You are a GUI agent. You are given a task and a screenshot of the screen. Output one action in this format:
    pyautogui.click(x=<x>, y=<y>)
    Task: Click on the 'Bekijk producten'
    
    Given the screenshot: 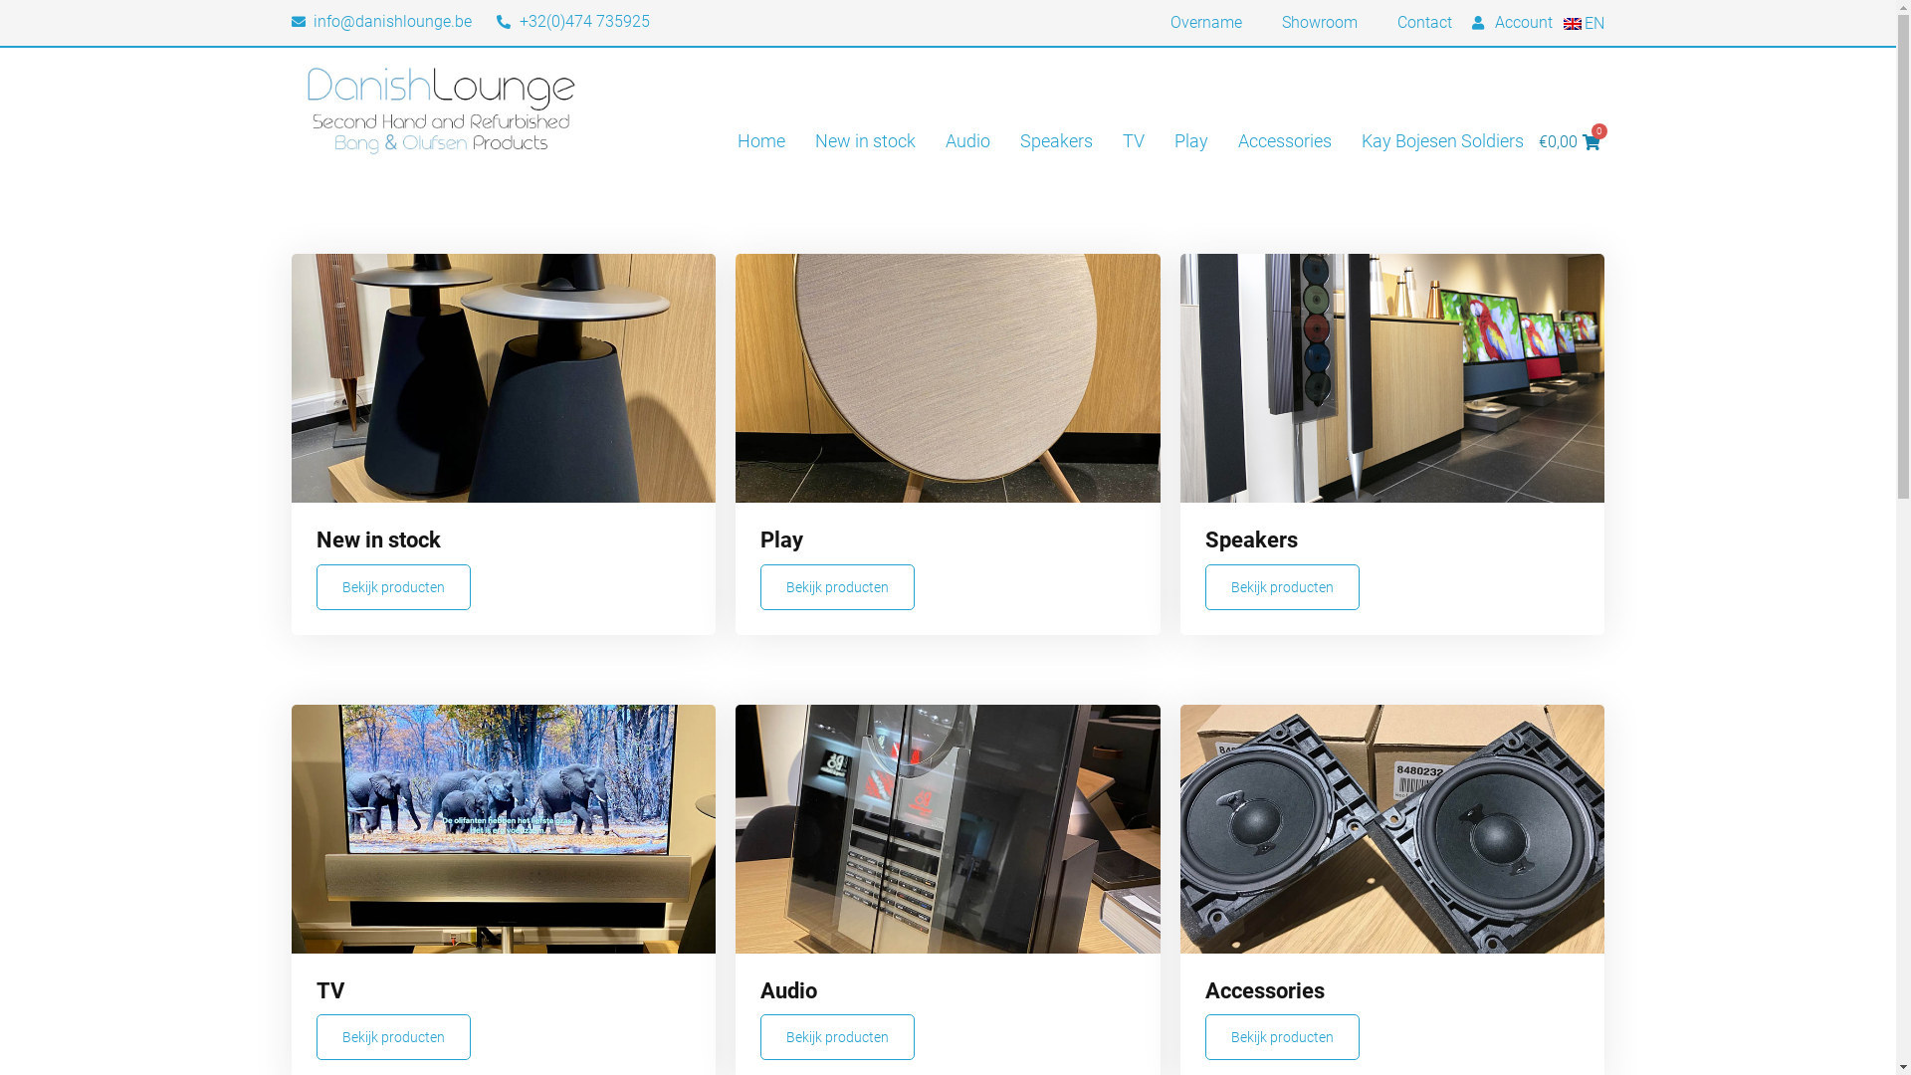 What is the action you would take?
    pyautogui.click(x=837, y=1035)
    